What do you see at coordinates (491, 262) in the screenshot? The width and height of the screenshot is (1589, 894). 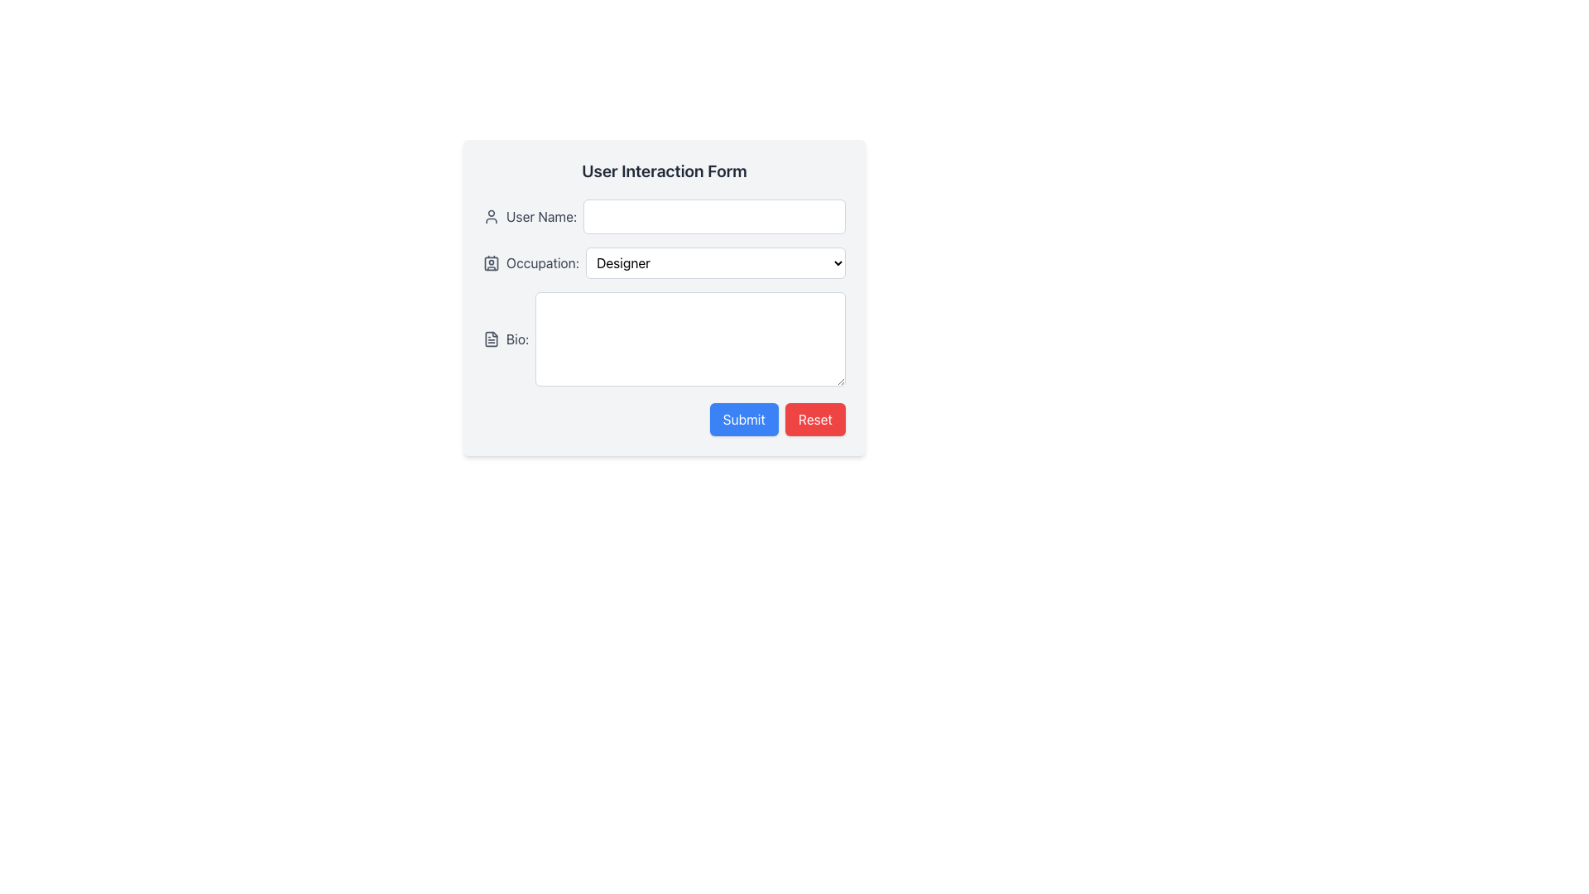 I see `the small square-shaped icon with a light gray border and a contact card symbol, located to the left of the 'Occupation' label in the form layout` at bounding box center [491, 262].